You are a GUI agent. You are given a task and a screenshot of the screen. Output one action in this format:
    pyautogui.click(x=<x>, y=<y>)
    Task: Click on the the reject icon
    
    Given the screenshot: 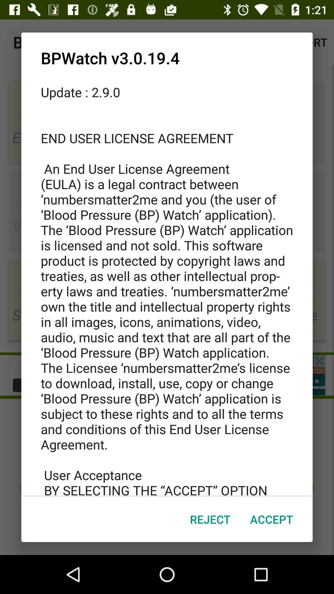 What is the action you would take?
    pyautogui.click(x=210, y=519)
    